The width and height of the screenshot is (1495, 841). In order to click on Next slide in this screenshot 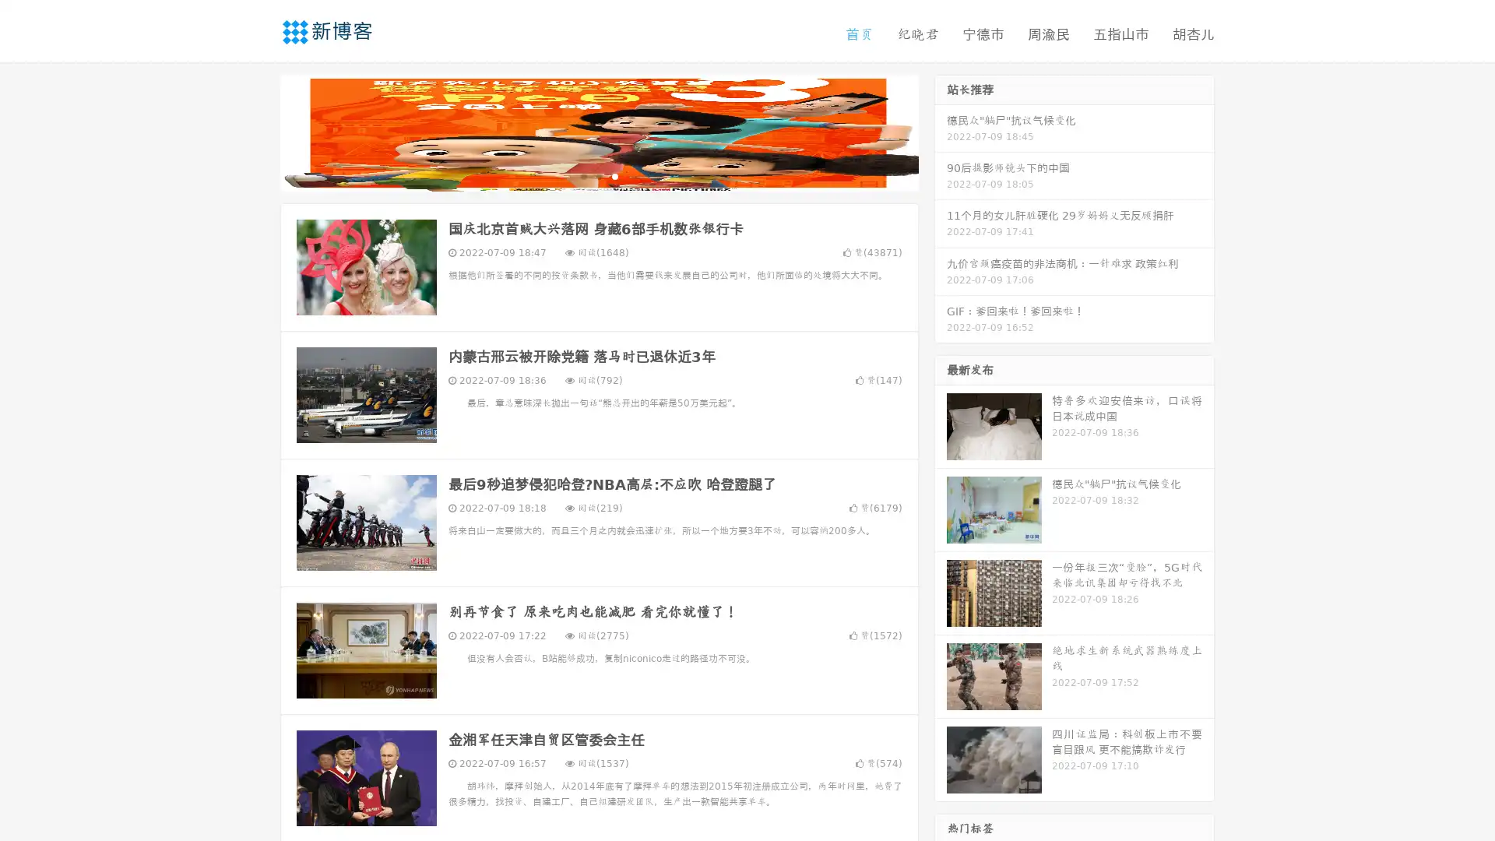, I will do `click(941, 131)`.